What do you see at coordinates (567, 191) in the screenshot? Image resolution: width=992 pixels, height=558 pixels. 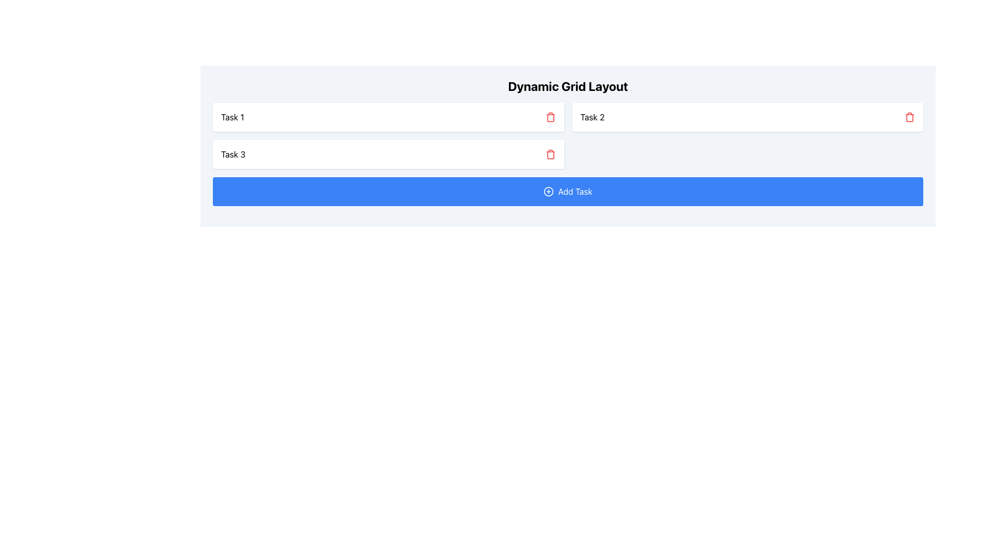 I see `the 'Add Task' button, which is a blue rectangular button with rounded corners, located below 'Task 1', 'Task 2', and 'Task 3'` at bounding box center [567, 191].